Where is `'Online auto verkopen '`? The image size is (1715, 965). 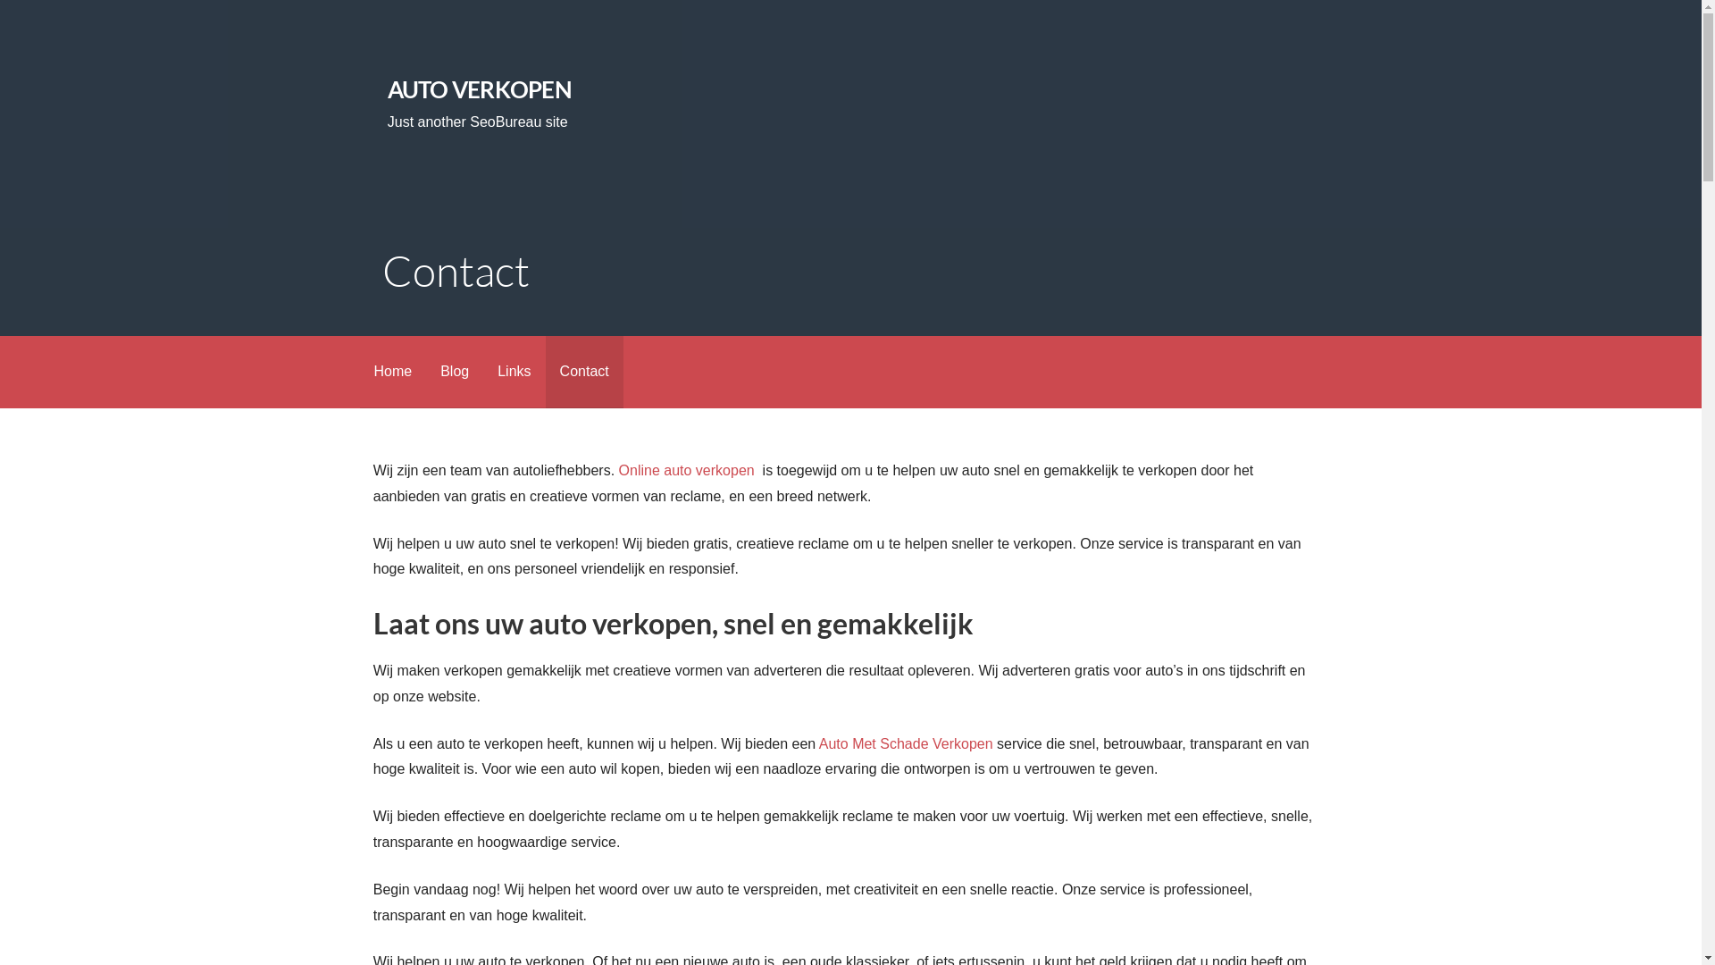 'Online auto verkopen ' is located at coordinates (688, 469).